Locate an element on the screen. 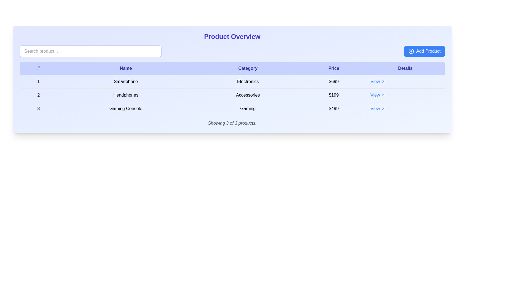 The image size is (530, 298). the text label displaying 'Headphones', which is located in the second row of the table under the column labeled 'Name' is located at coordinates (125, 95).